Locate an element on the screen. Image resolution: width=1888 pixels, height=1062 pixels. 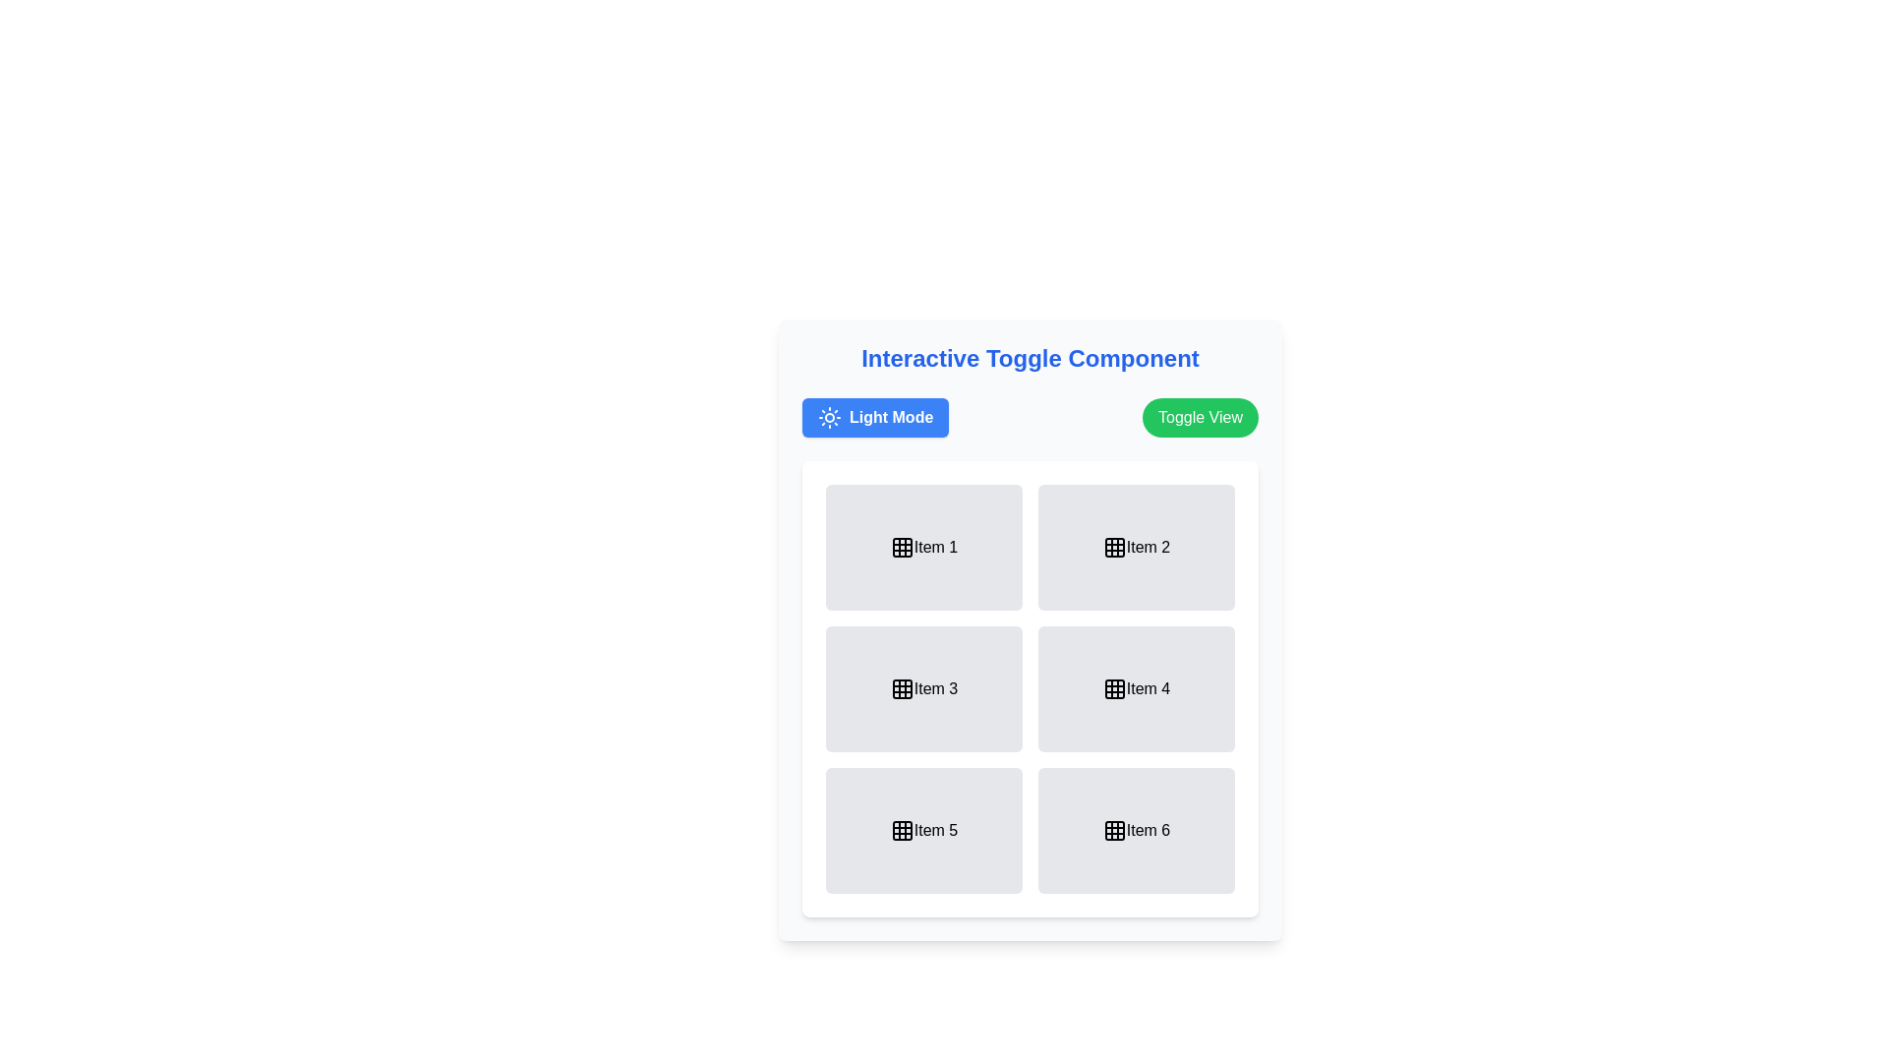
the decorative icon in the middle cell of the 2x3 grid labeled 'Item 3', located in the second row and first column is located at coordinates (901, 688).